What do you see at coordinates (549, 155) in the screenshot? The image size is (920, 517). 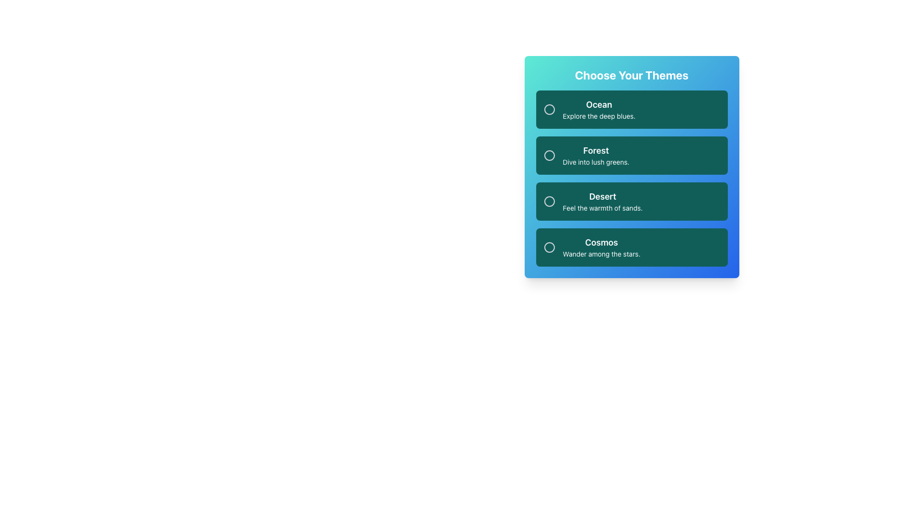 I see `the circular radio button located to the far left of the text 'Forest'` at bounding box center [549, 155].